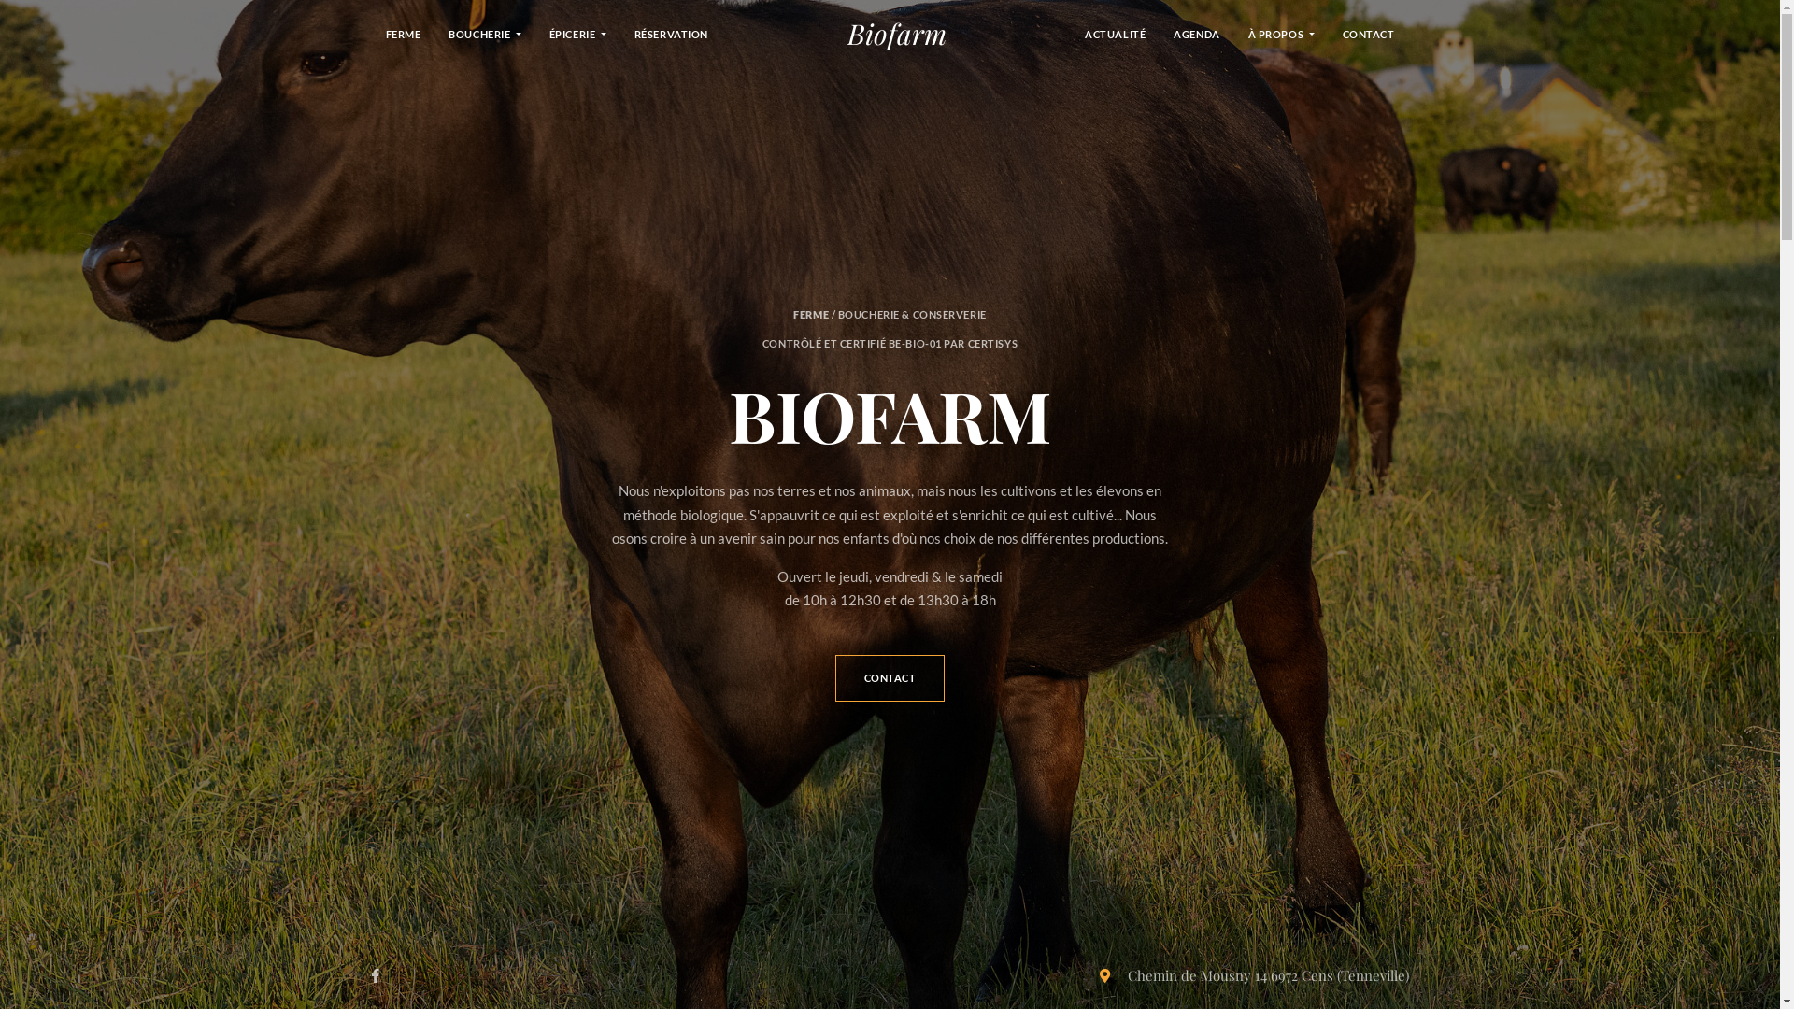  I want to click on 'BOUCHERIE', so click(484, 33).